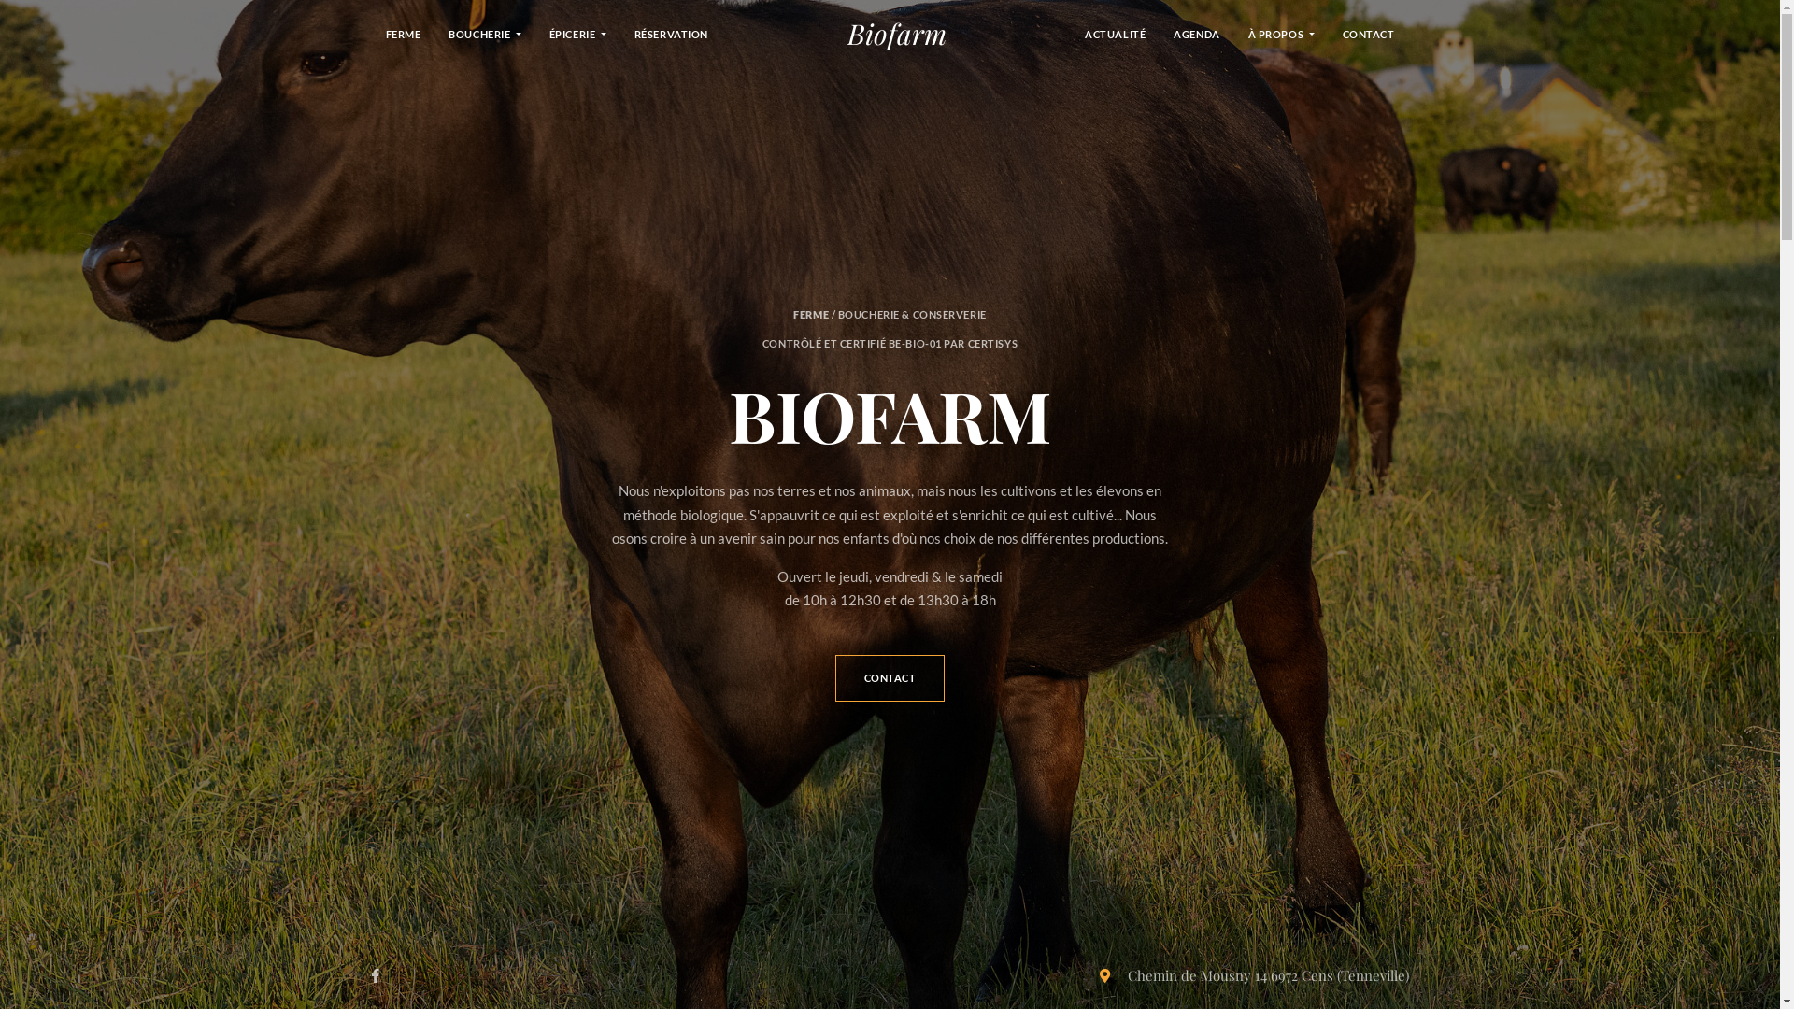  I want to click on 'BOUCHERIE', so click(484, 33).